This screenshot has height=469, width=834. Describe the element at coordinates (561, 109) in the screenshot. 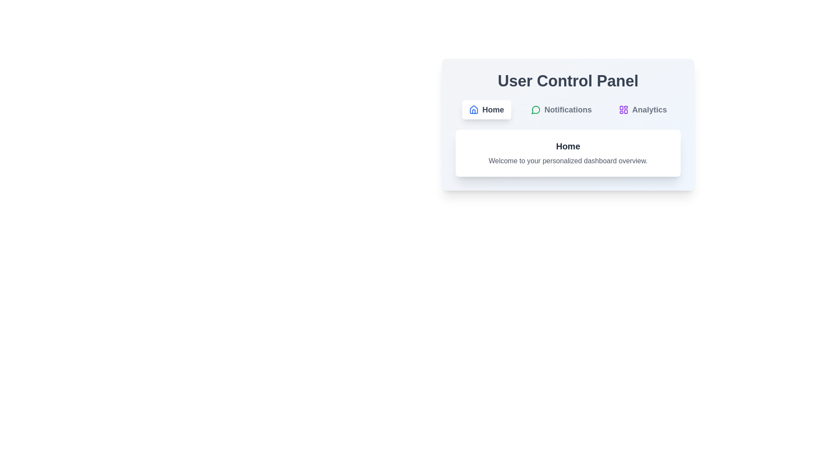

I see `the Notifications tab by clicking on its button` at that location.